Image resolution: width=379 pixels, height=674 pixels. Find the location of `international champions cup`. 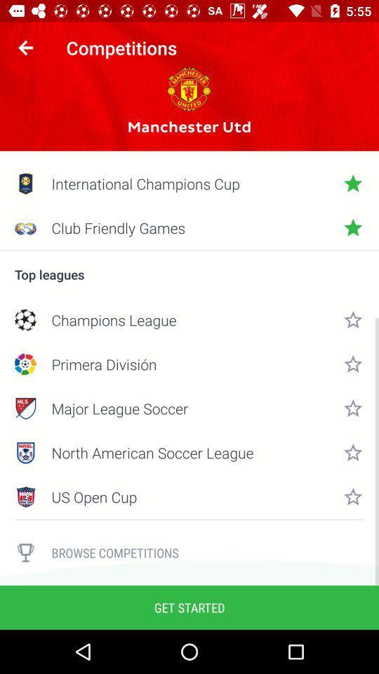

international champions cup is located at coordinates (189, 183).